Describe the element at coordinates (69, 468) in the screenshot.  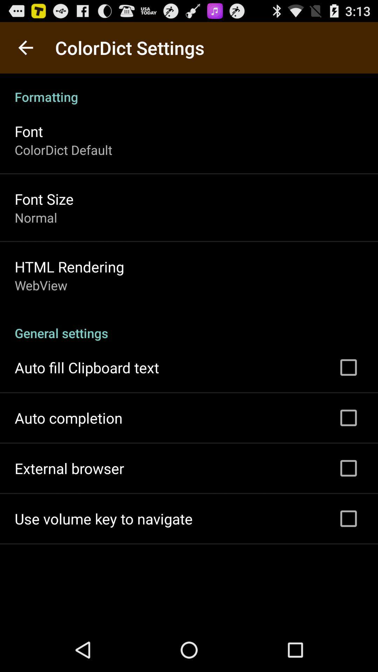
I see `the app below the auto completion icon` at that location.